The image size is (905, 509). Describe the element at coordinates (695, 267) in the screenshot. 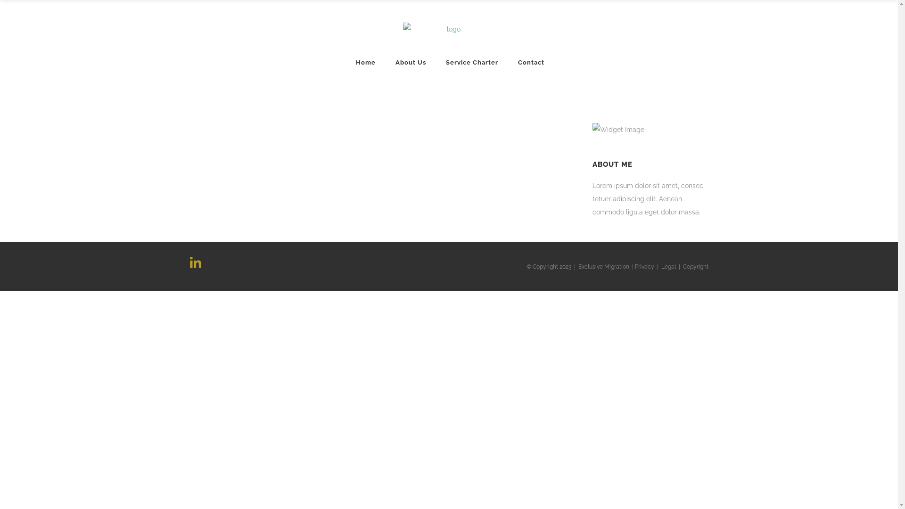

I see `'Copyright'` at that location.